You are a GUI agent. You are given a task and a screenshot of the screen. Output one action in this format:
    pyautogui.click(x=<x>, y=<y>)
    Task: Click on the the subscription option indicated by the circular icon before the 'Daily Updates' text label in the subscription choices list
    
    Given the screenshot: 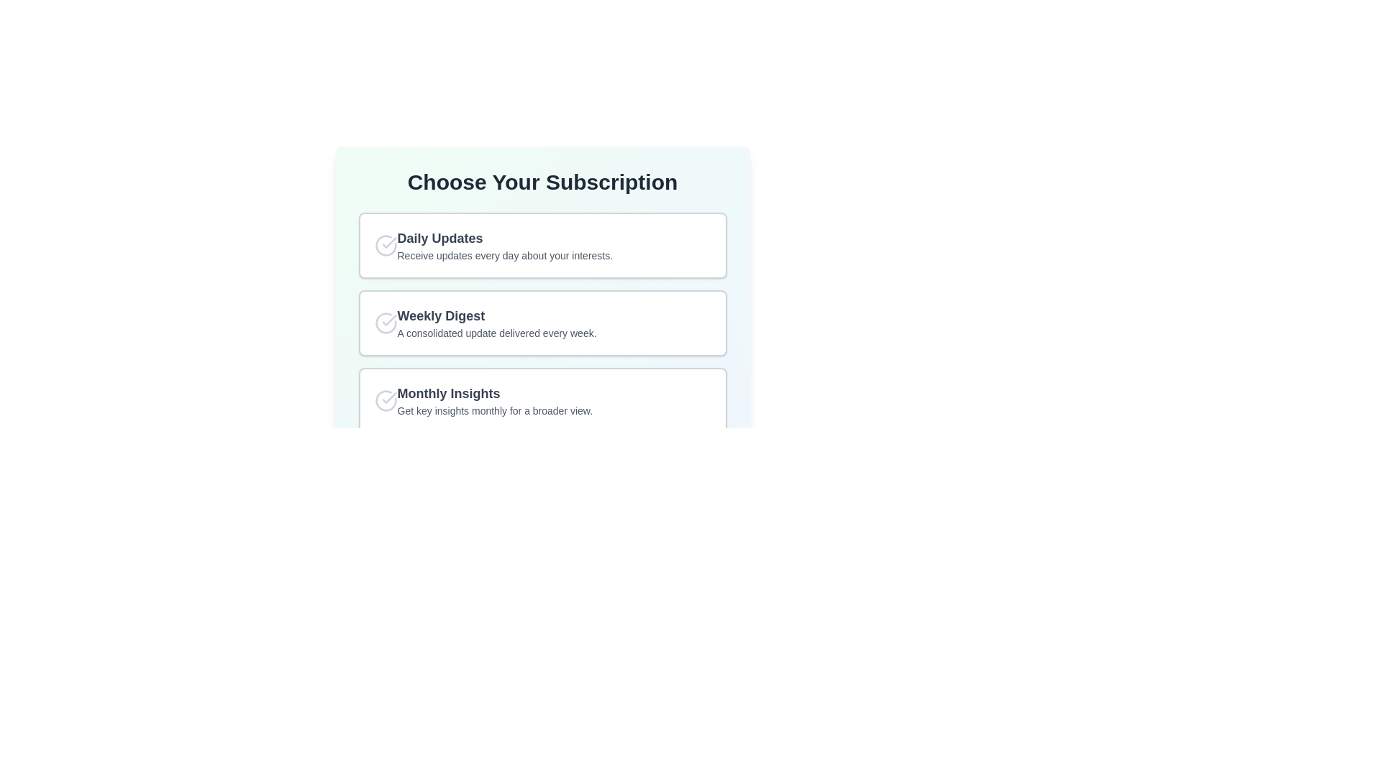 What is the action you would take?
    pyautogui.click(x=389, y=242)
    